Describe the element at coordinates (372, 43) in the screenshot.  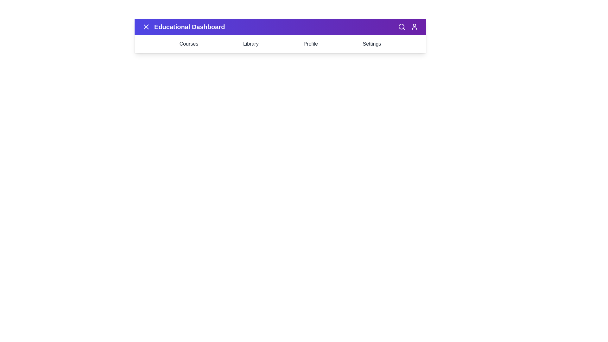
I see `the 'Settings' menu item in the navigation bar` at that location.